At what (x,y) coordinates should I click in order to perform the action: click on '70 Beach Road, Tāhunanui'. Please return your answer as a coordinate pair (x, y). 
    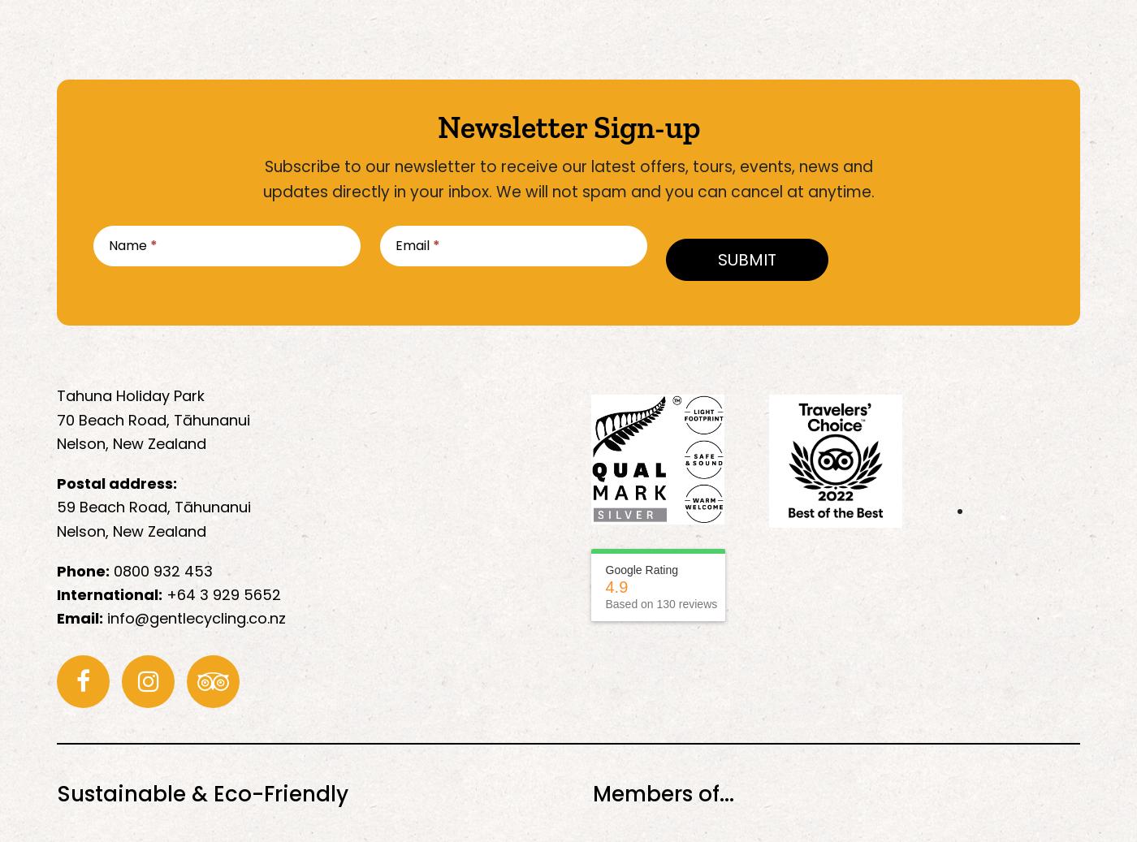
    Looking at the image, I should click on (153, 418).